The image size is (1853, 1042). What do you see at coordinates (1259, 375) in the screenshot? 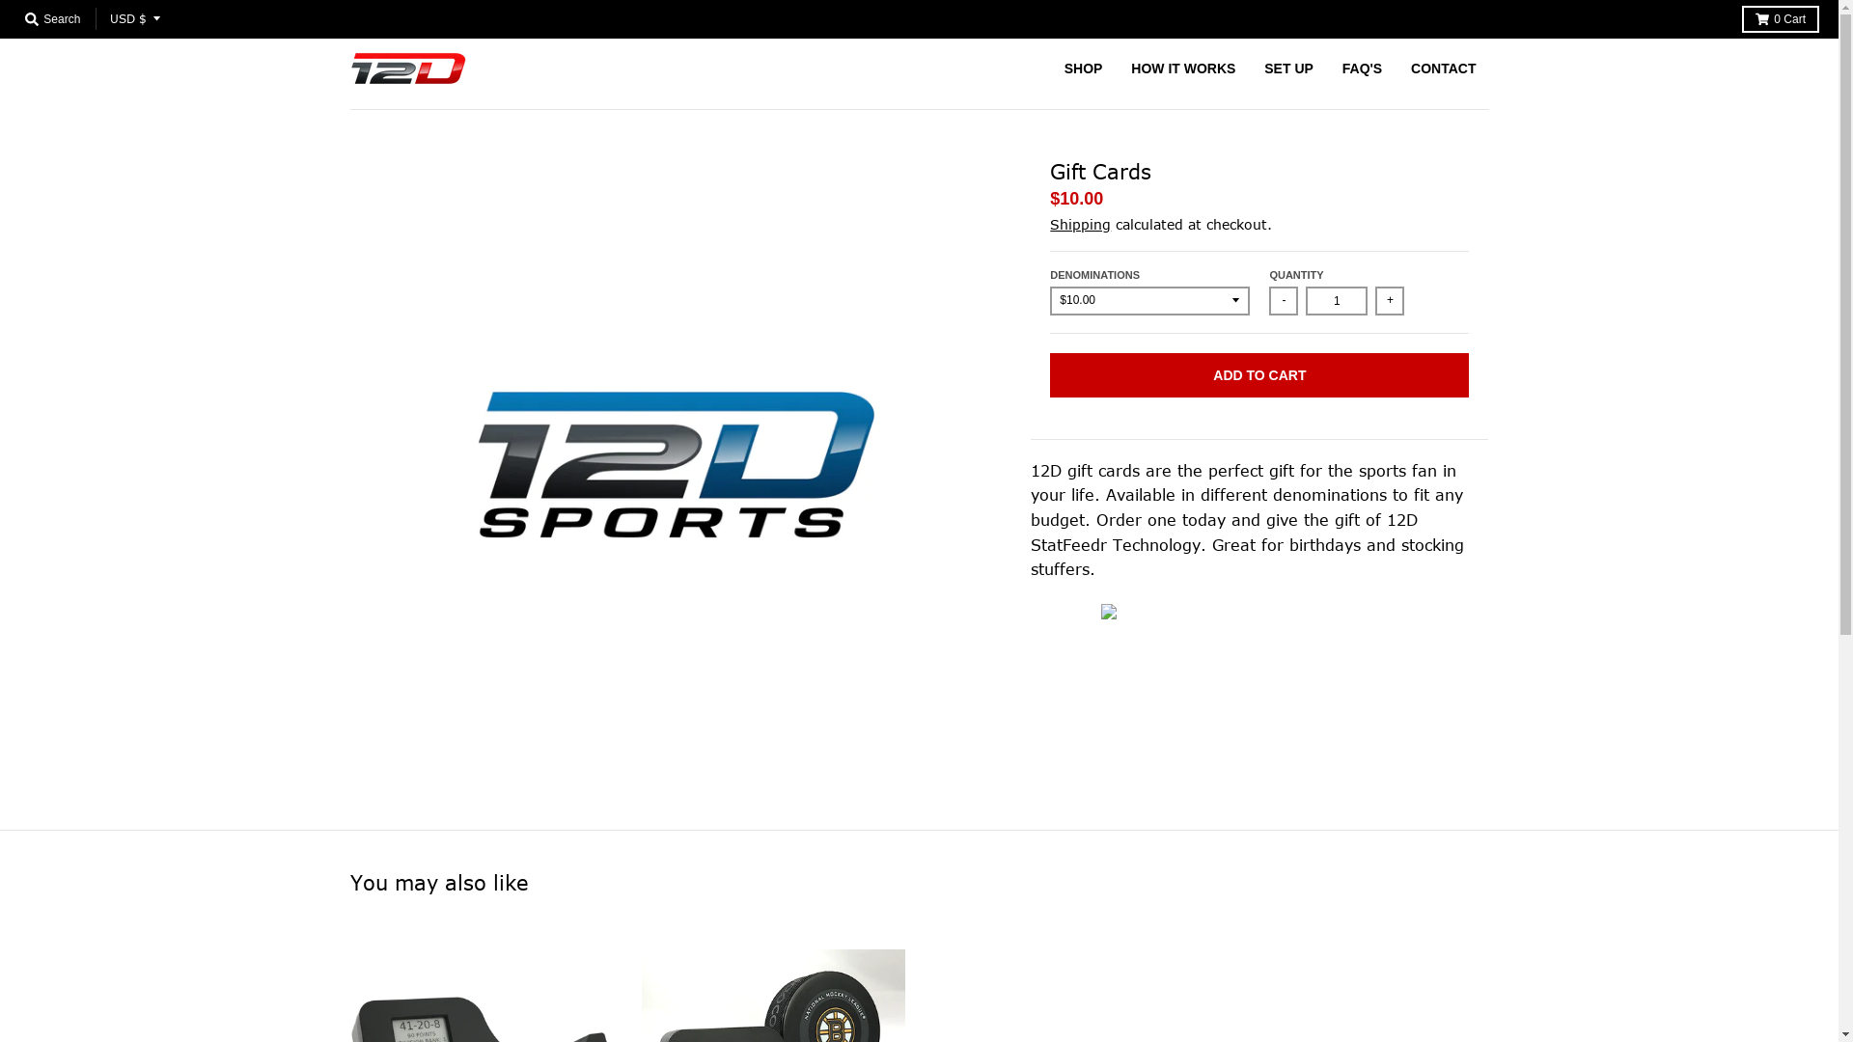
I see `'ADD TO CART'` at bounding box center [1259, 375].